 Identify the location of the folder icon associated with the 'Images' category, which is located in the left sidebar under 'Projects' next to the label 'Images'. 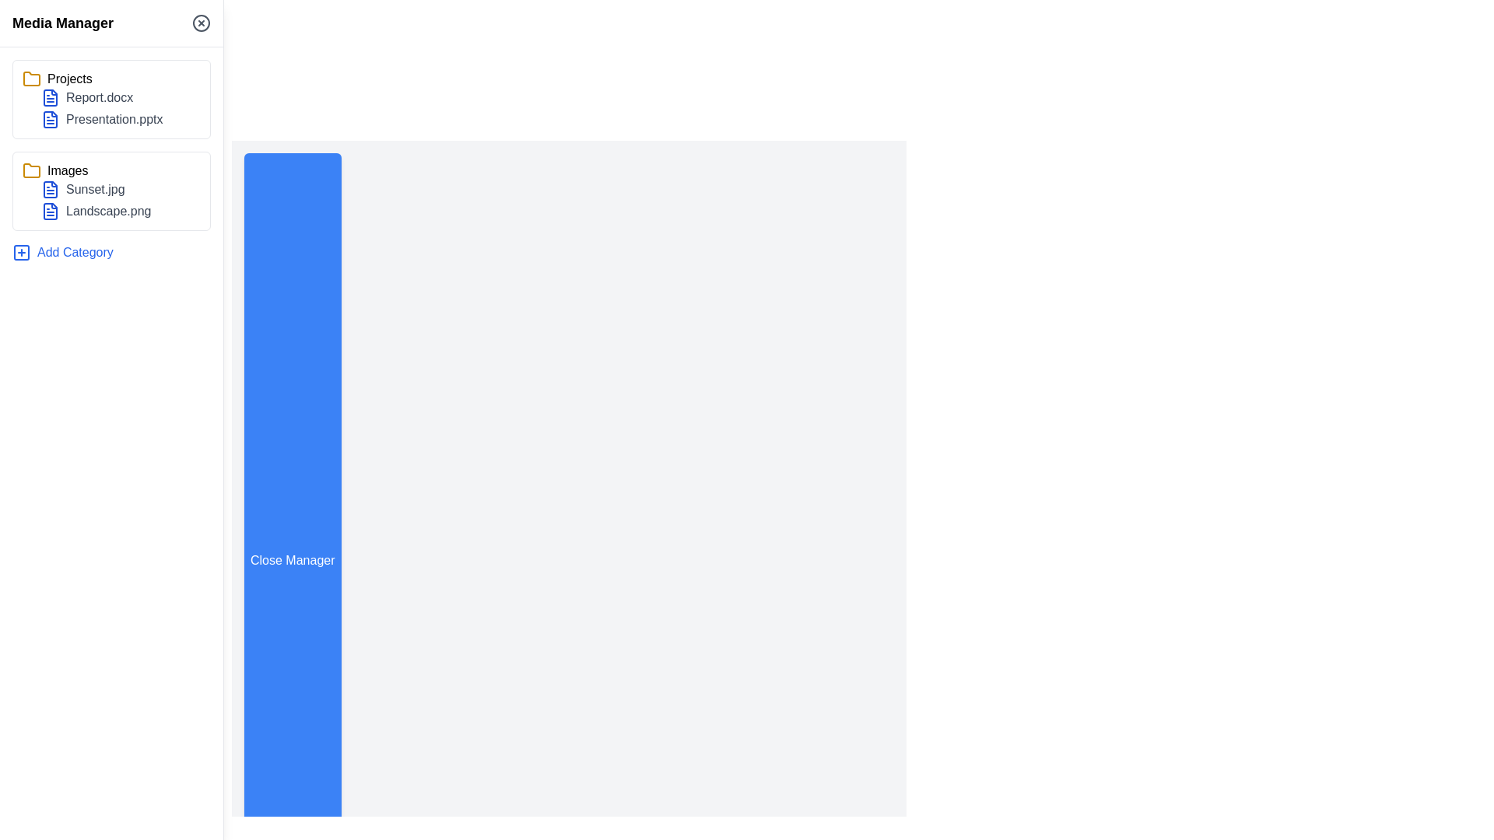
(32, 170).